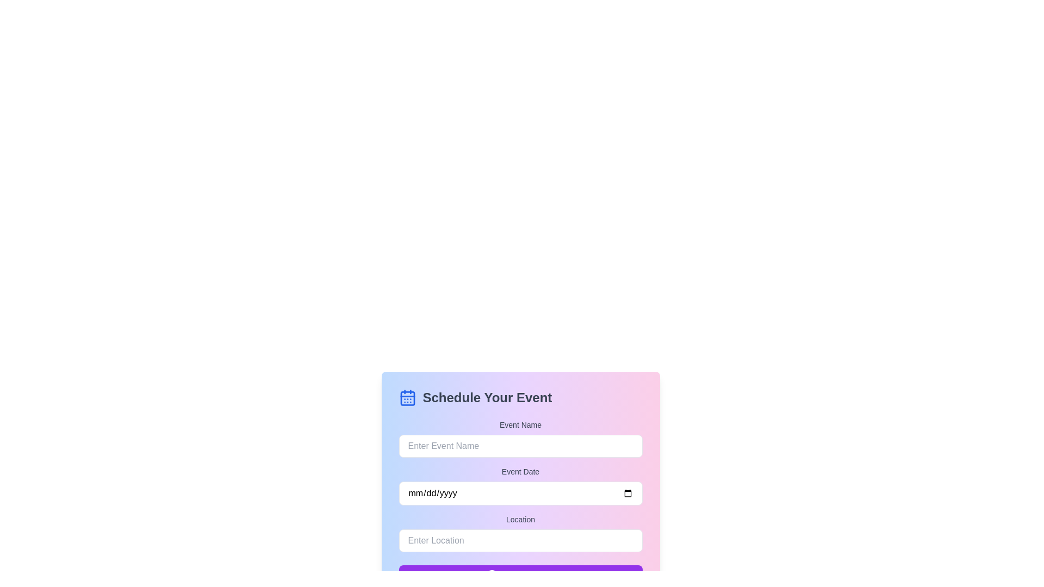 The height and width of the screenshot is (587, 1044). I want to click on the Text input field located below the 'Event Name' label by tabbing to it, so click(520, 446).